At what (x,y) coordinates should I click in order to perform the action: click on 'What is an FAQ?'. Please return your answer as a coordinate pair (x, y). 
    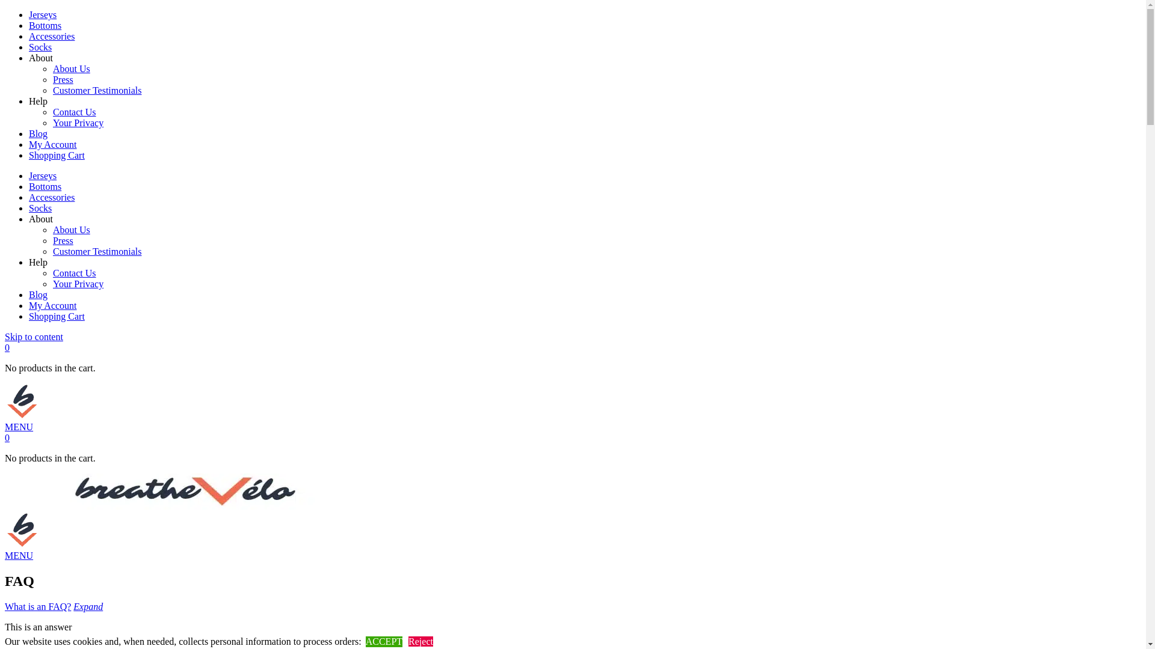
    Looking at the image, I should click on (37, 606).